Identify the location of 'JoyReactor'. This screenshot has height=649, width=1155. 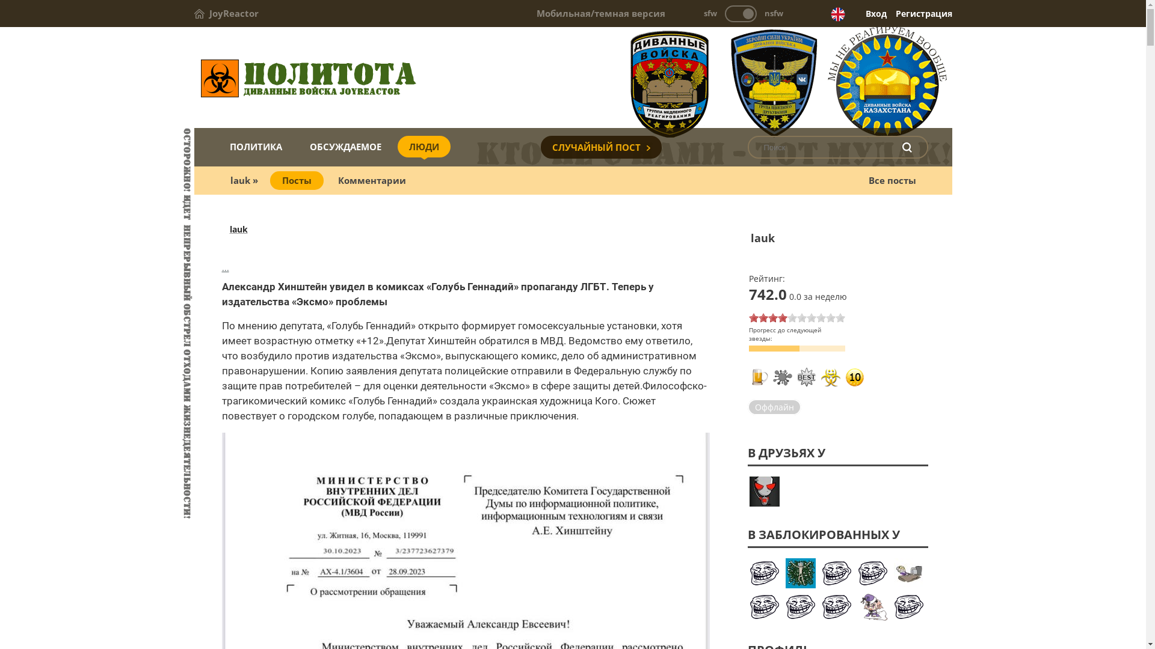
(226, 13).